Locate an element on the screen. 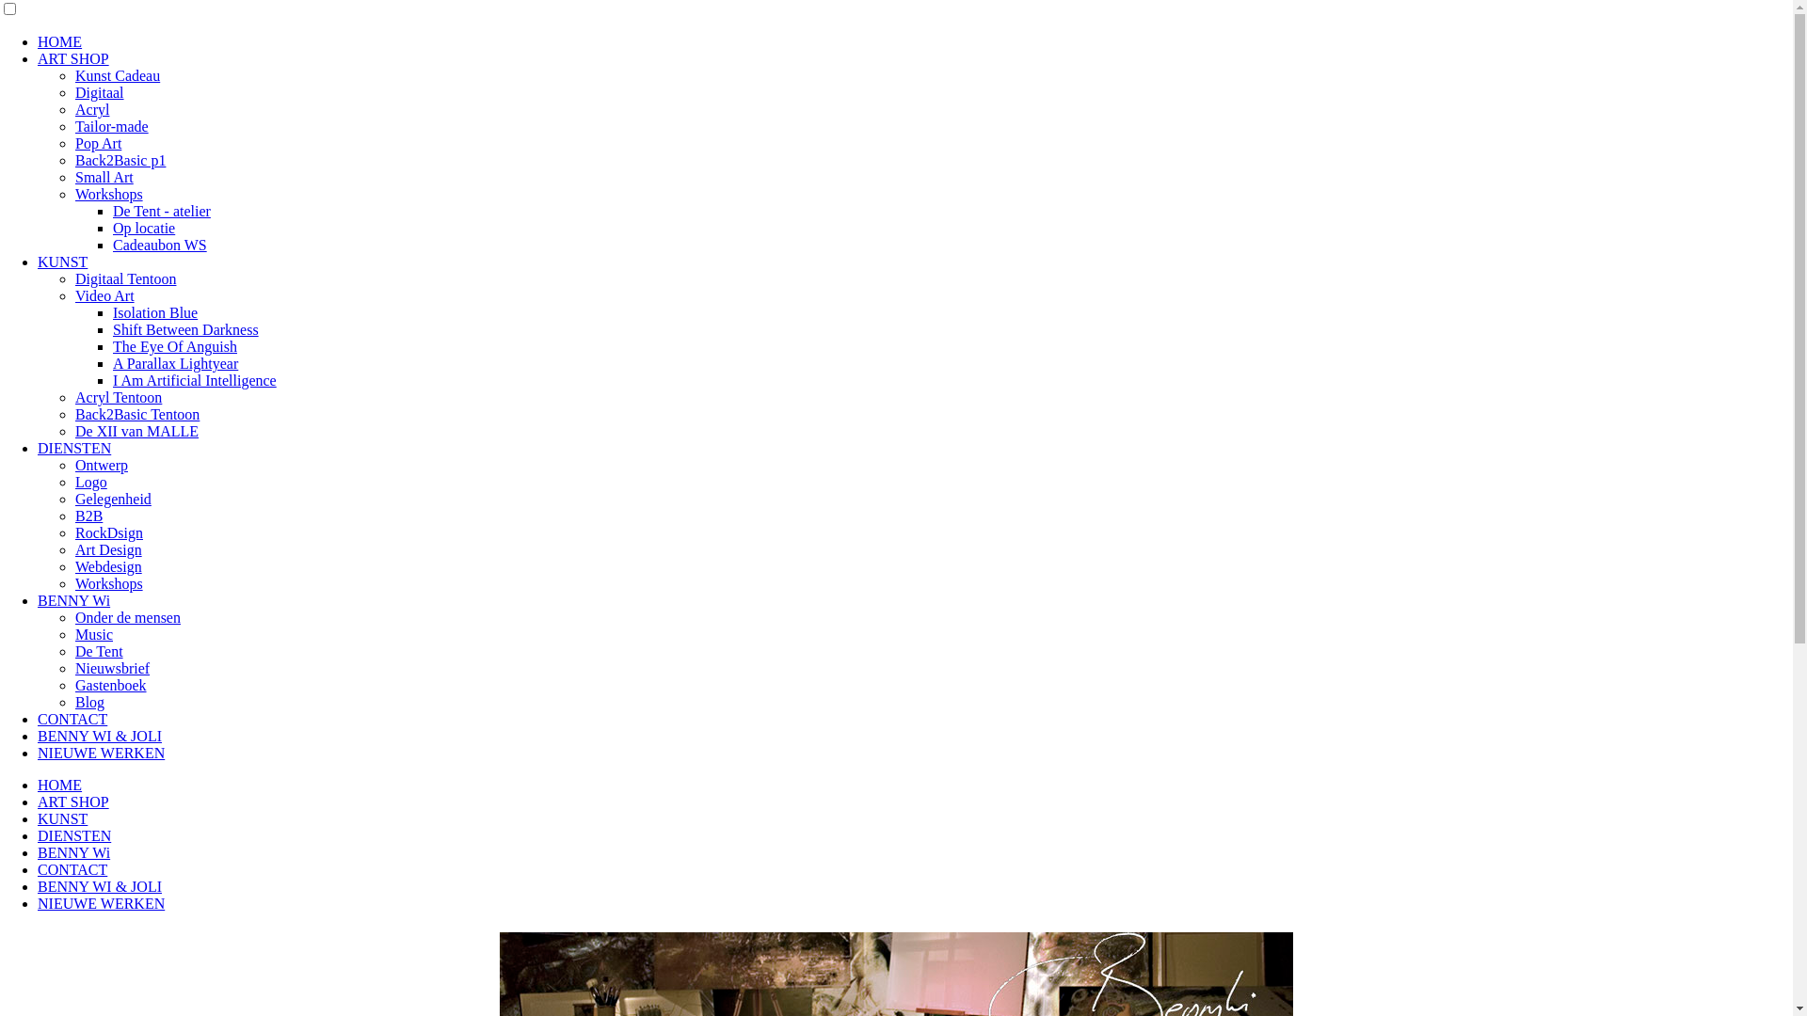 Image resolution: width=1807 pixels, height=1016 pixels. 'De Tent - atelier' is located at coordinates (112, 211).